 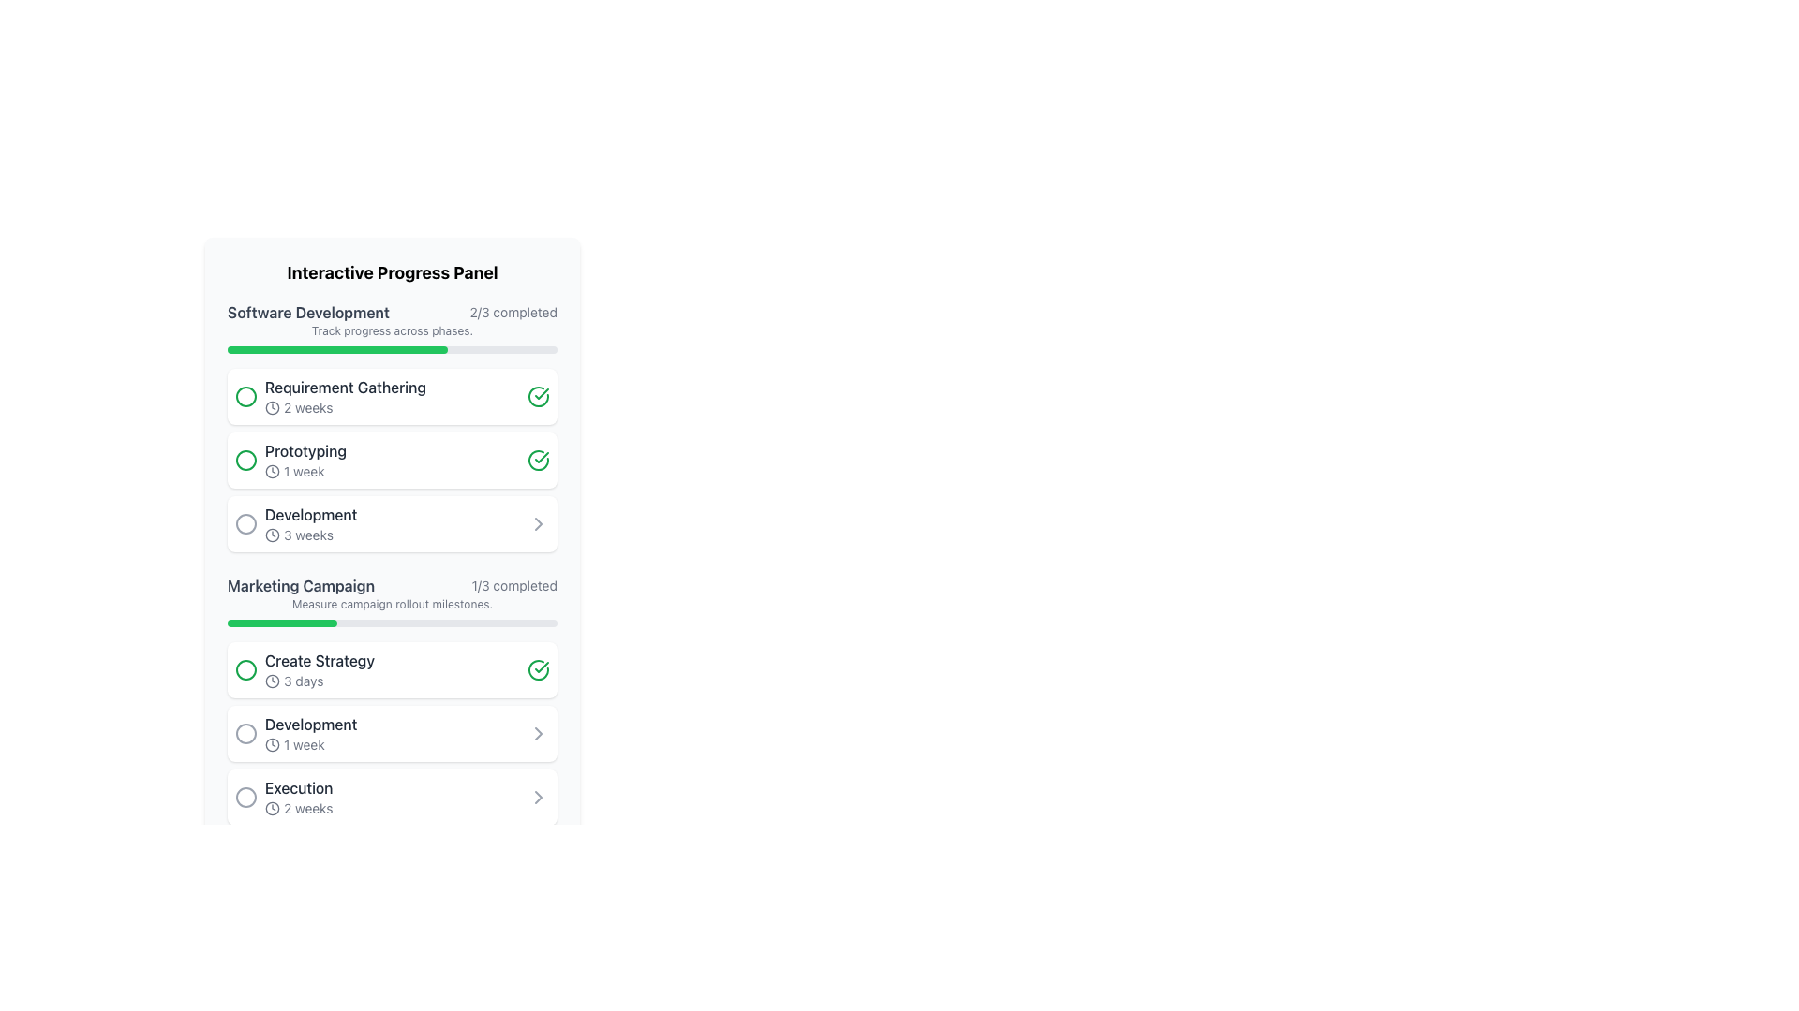 What do you see at coordinates (272, 535) in the screenshot?
I see `the circular graphical element within the clock icon next to the 'Development' text, which indicates a duration of '3 weeks' in the 'Software Development' section` at bounding box center [272, 535].